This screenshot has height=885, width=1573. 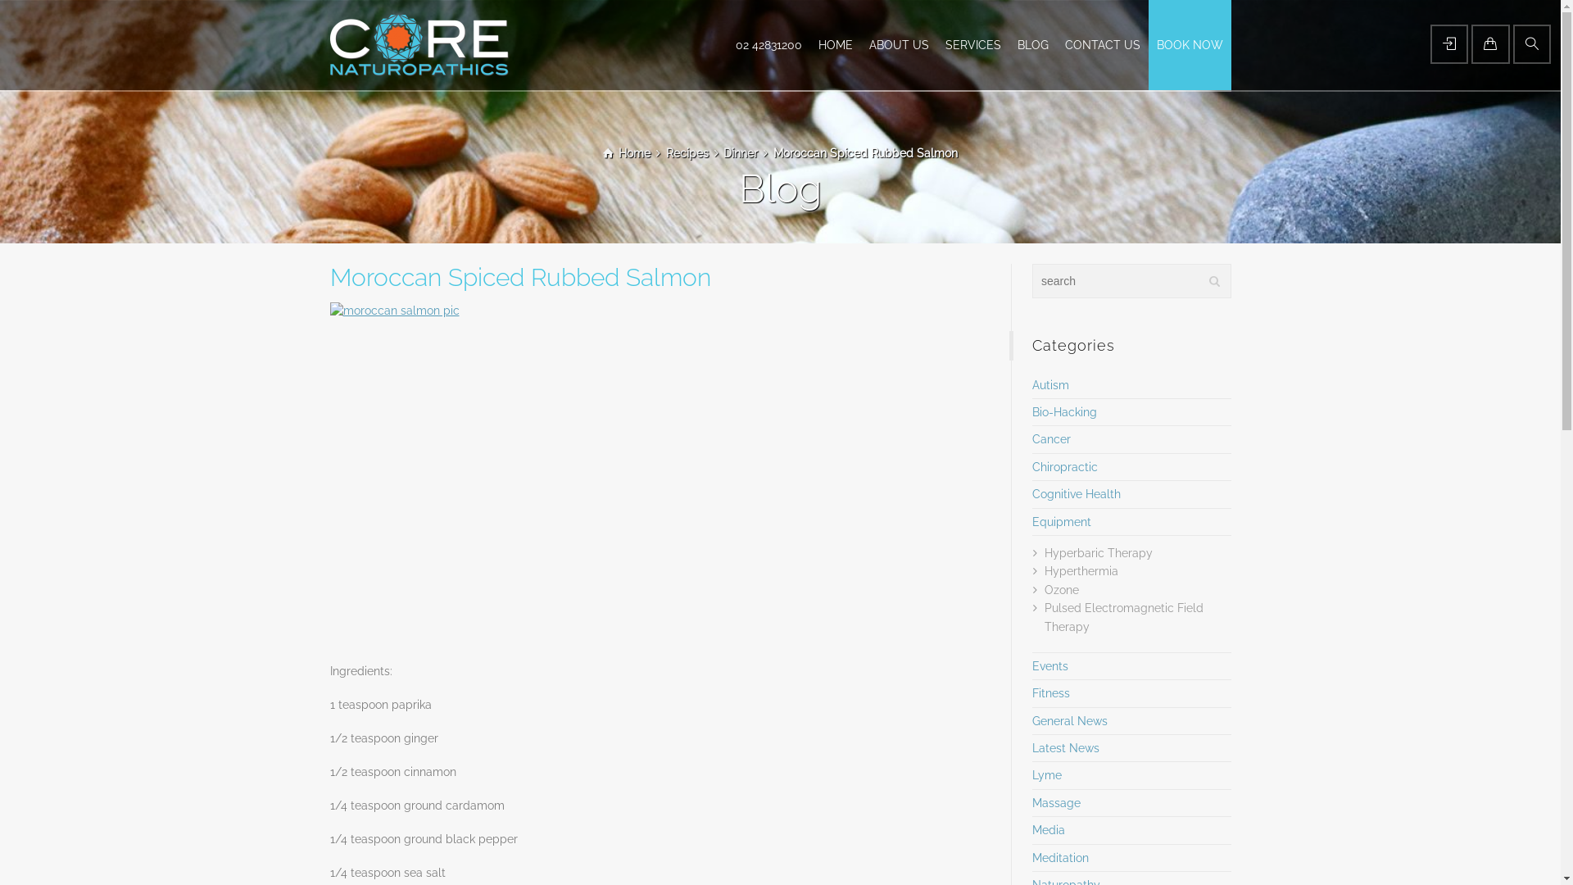 What do you see at coordinates (1531, 43) in the screenshot?
I see `'Search'` at bounding box center [1531, 43].